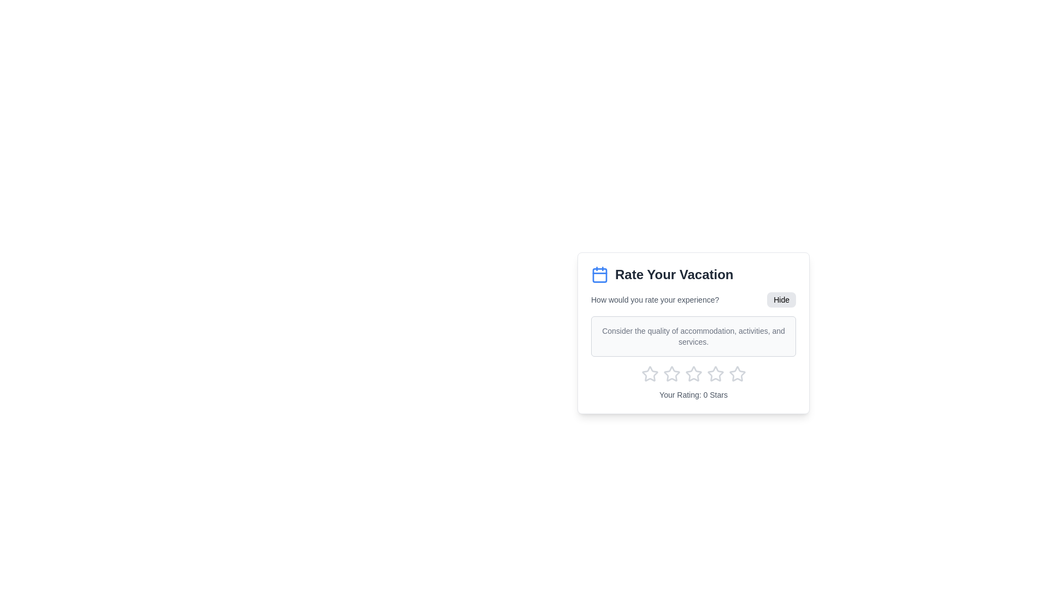 This screenshot has width=1049, height=590. Describe the element at coordinates (693, 374) in the screenshot. I see `the fourth star in the horizontal rating mechanism` at that location.